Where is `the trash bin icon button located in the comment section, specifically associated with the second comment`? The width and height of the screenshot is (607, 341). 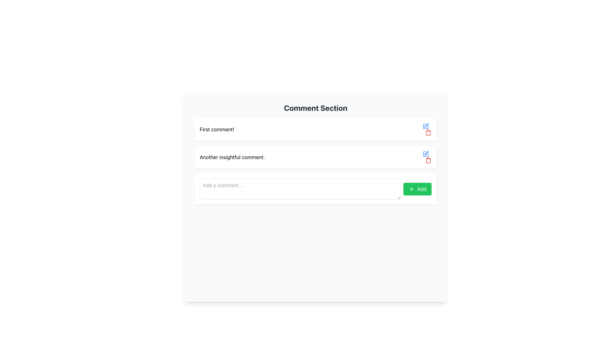 the trash bin icon button located in the comment section, specifically associated with the second comment is located at coordinates (428, 160).